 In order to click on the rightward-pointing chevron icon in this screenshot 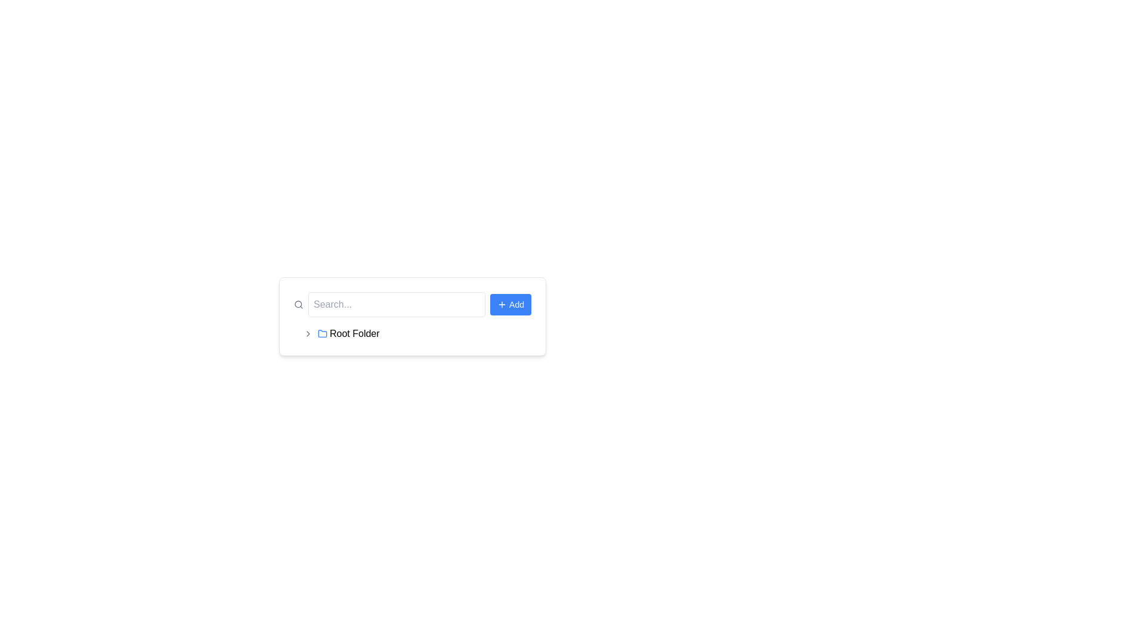, I will do `click(308, 333)`.